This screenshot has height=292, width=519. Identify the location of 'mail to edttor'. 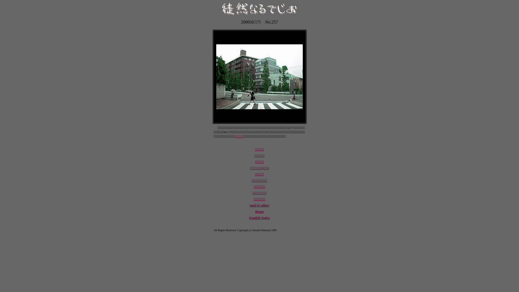
(249, 205).